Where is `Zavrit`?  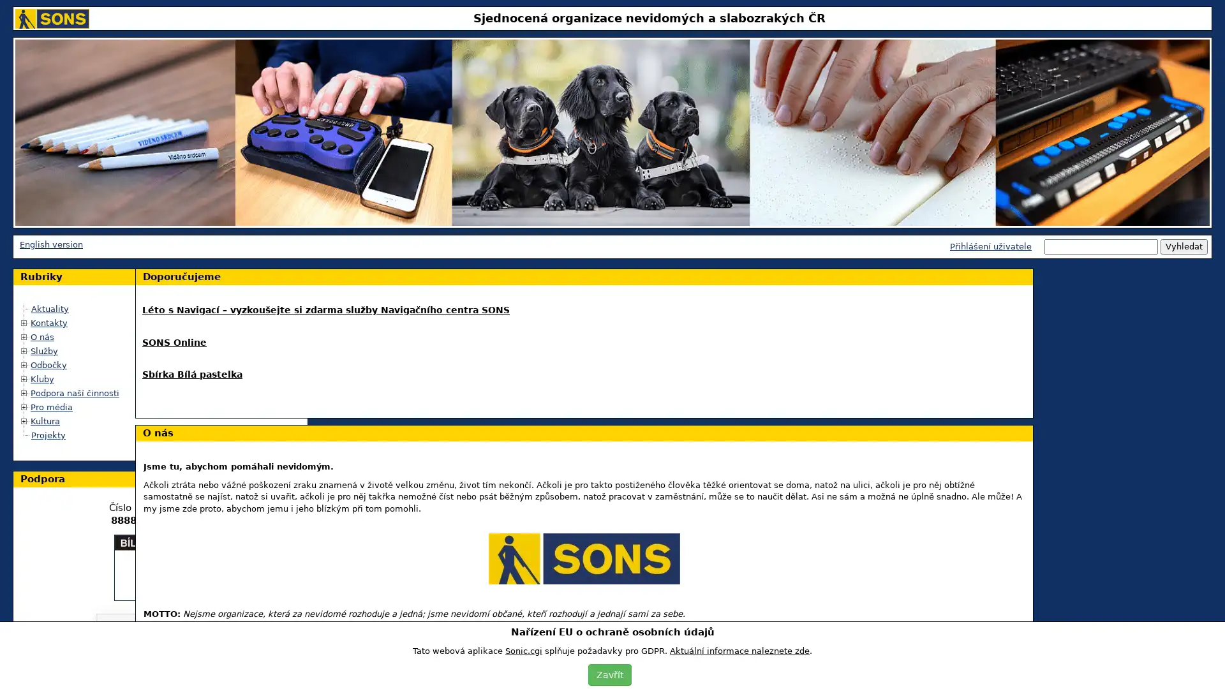 Zavrit is located at coordinates (609, 674).